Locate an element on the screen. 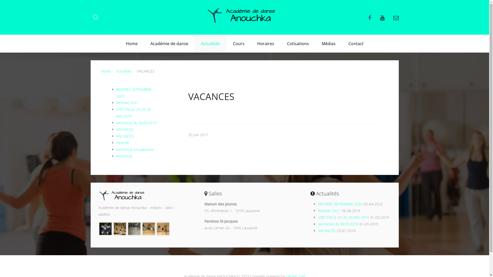 This screenshot has width=493, height=277. '20170915_182031' is located at coordinates (134, 228).